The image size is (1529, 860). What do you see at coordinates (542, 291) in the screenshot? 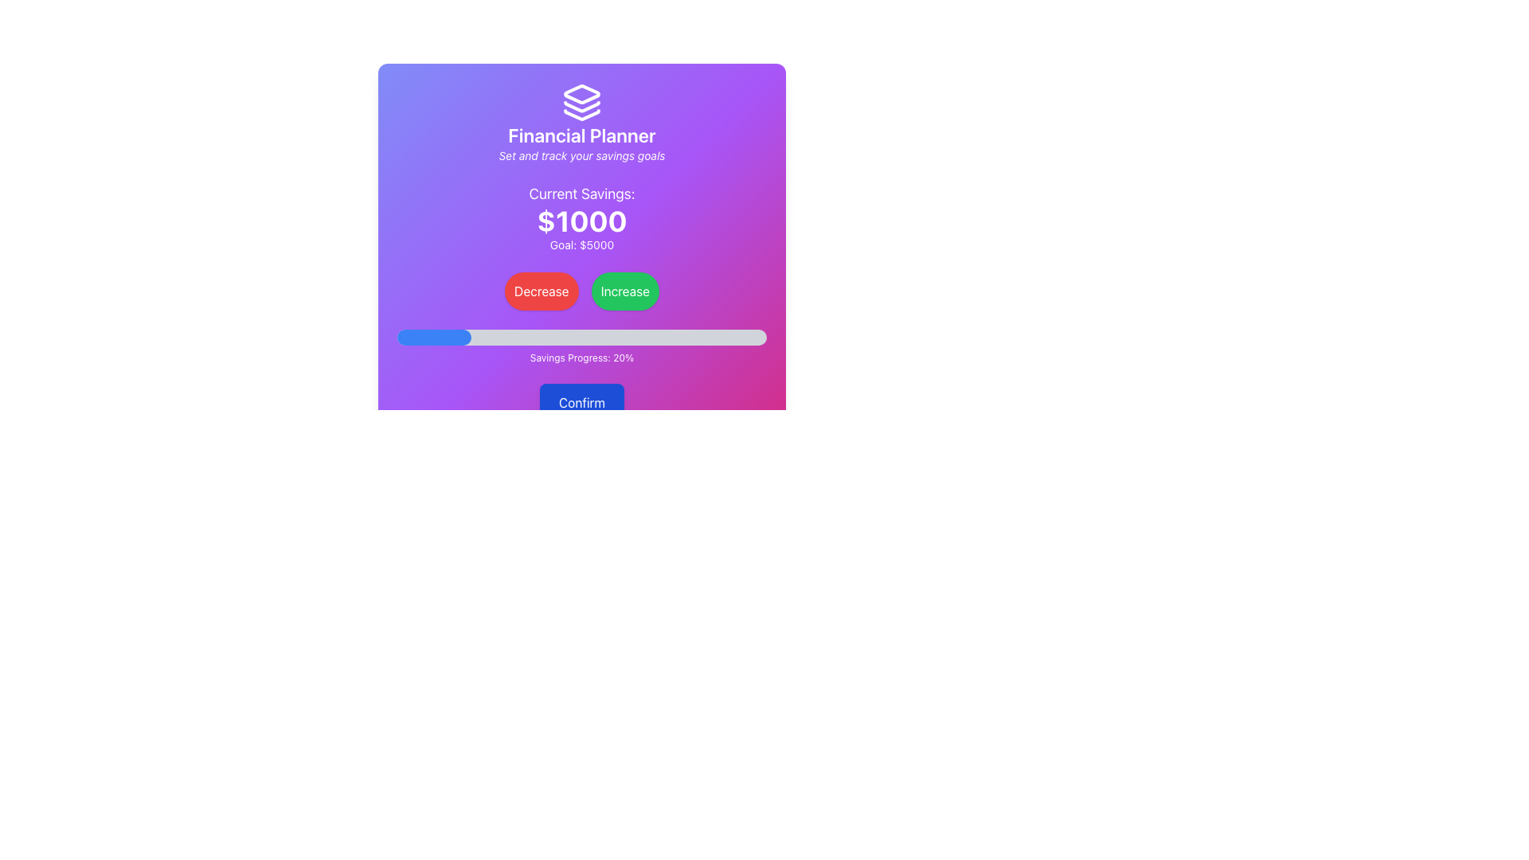
I see `the decrease button located to the left of the green 'Increase' button` at bounding box center [542, 291].